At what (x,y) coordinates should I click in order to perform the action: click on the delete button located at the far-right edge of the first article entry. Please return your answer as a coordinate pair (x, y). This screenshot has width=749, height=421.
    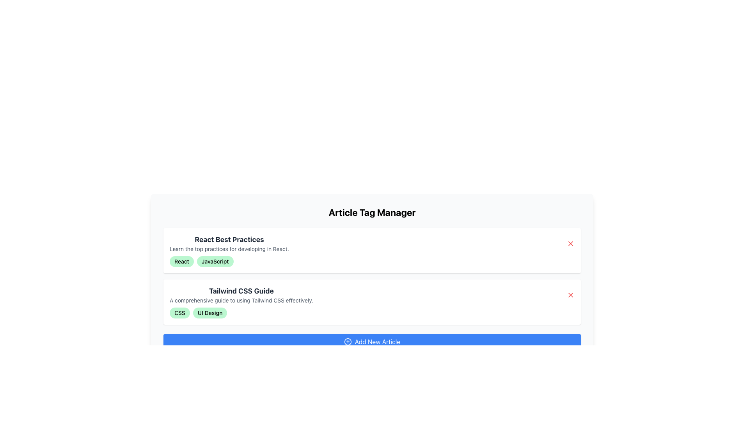
    Looking at the image, I should click on (571, 243).